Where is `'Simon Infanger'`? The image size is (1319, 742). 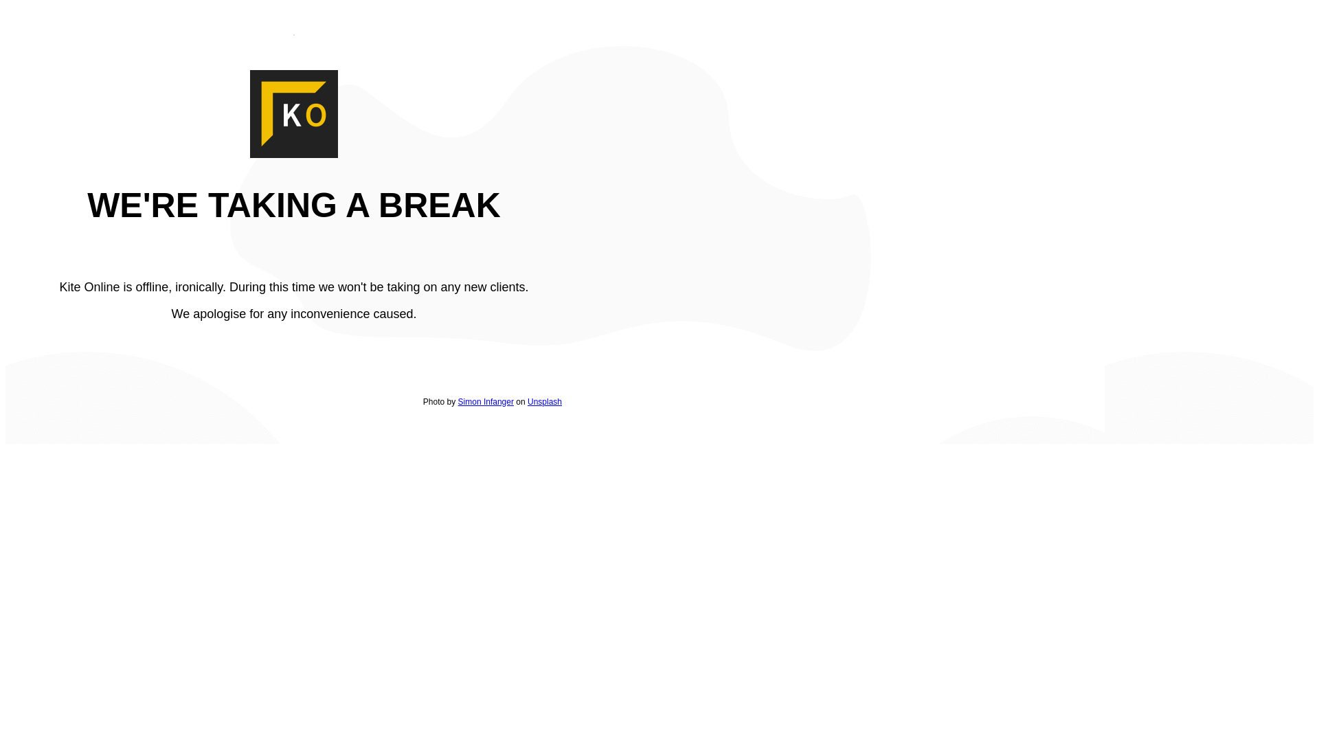 'Simon Infanger' is located at coordinates (486, 402).